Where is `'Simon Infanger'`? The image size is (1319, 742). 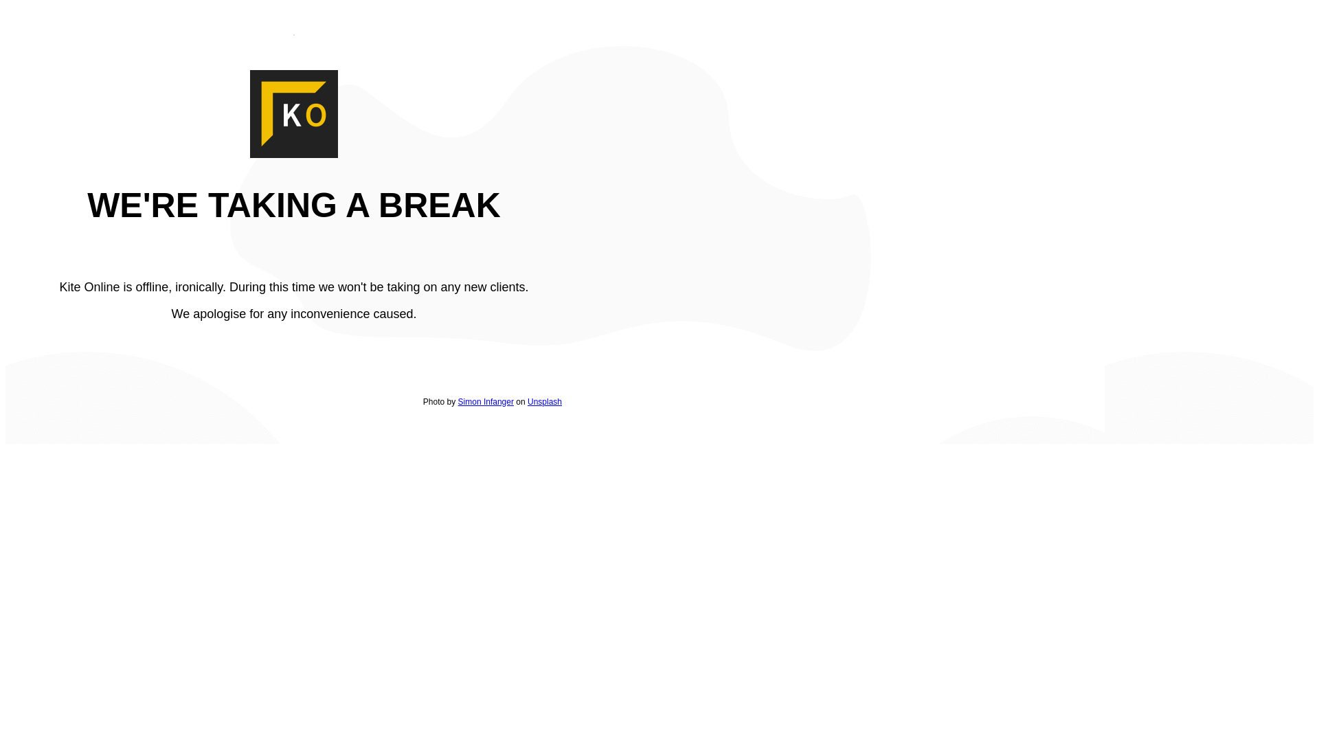 'Simon Infanger' is located at coordinates (486, 402).